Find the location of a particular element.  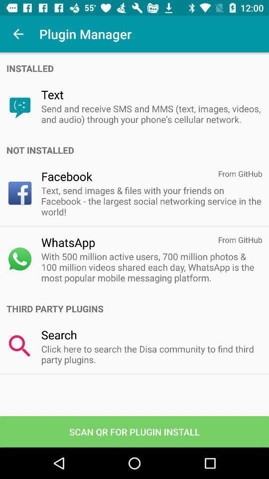

app below the search icon is located at coordinates (151, 354).